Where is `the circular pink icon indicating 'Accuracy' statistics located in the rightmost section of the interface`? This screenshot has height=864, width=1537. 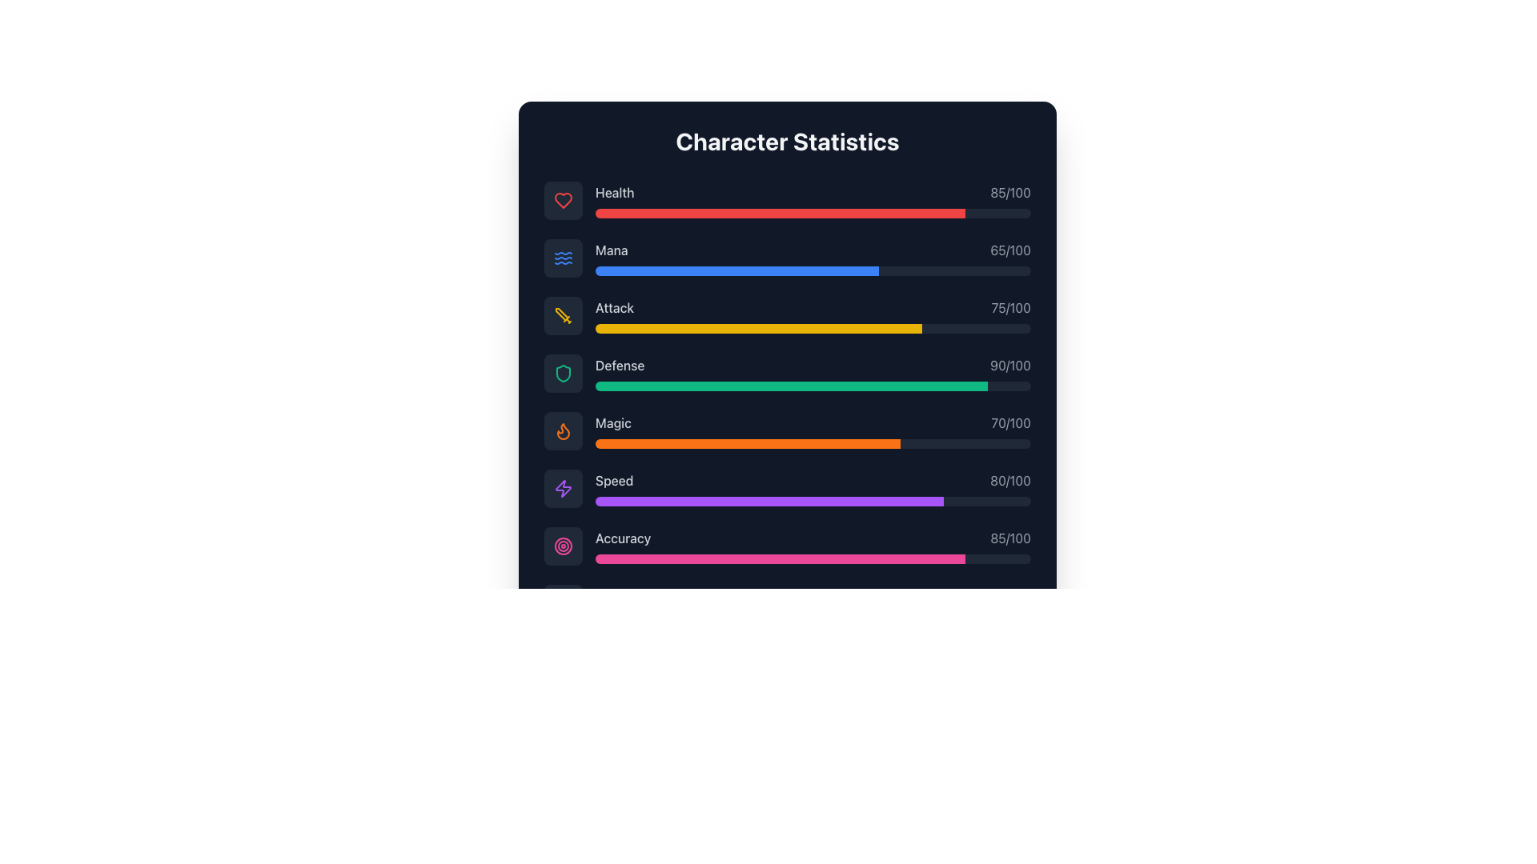
the circular pink icon indicating 'Accuracy' statistics located in the rightmost section of the interface is located at coordinates (564, 545).